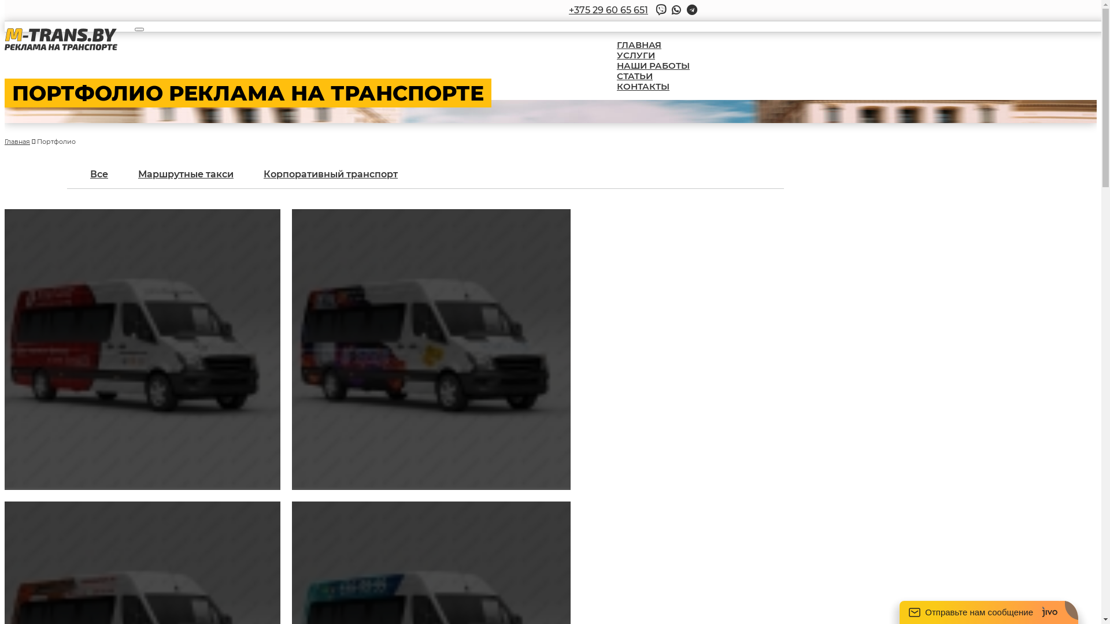 The height and width of the screenshot is (624, 1110). What do you see at coordinates (676, 10) in the screenshot?
I see `'Whatsap'` at bounding box center [676, 10].